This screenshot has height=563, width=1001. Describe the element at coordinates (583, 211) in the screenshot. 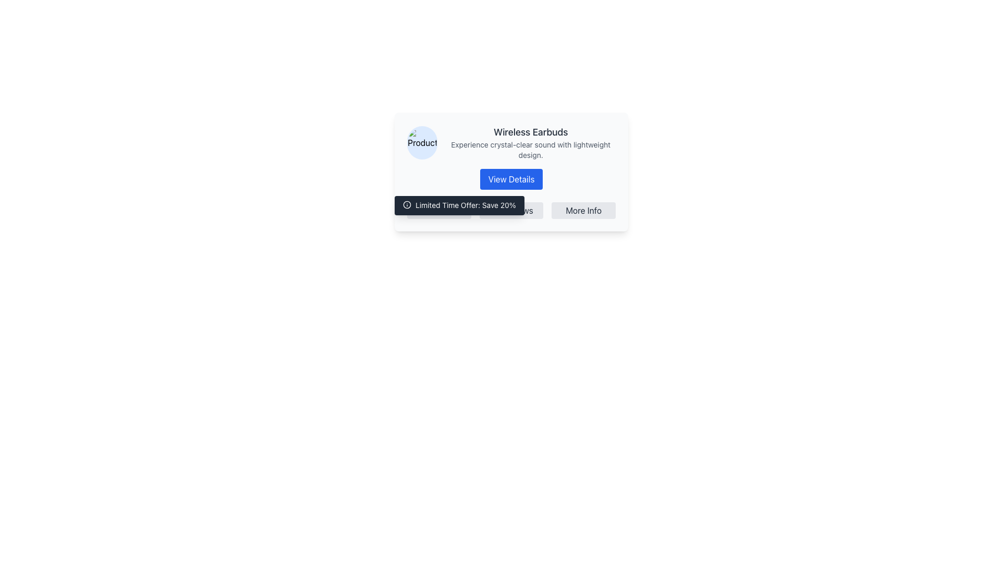

I see `the third button in the horizontal group of buttons that provides additional details about the product` at that location.